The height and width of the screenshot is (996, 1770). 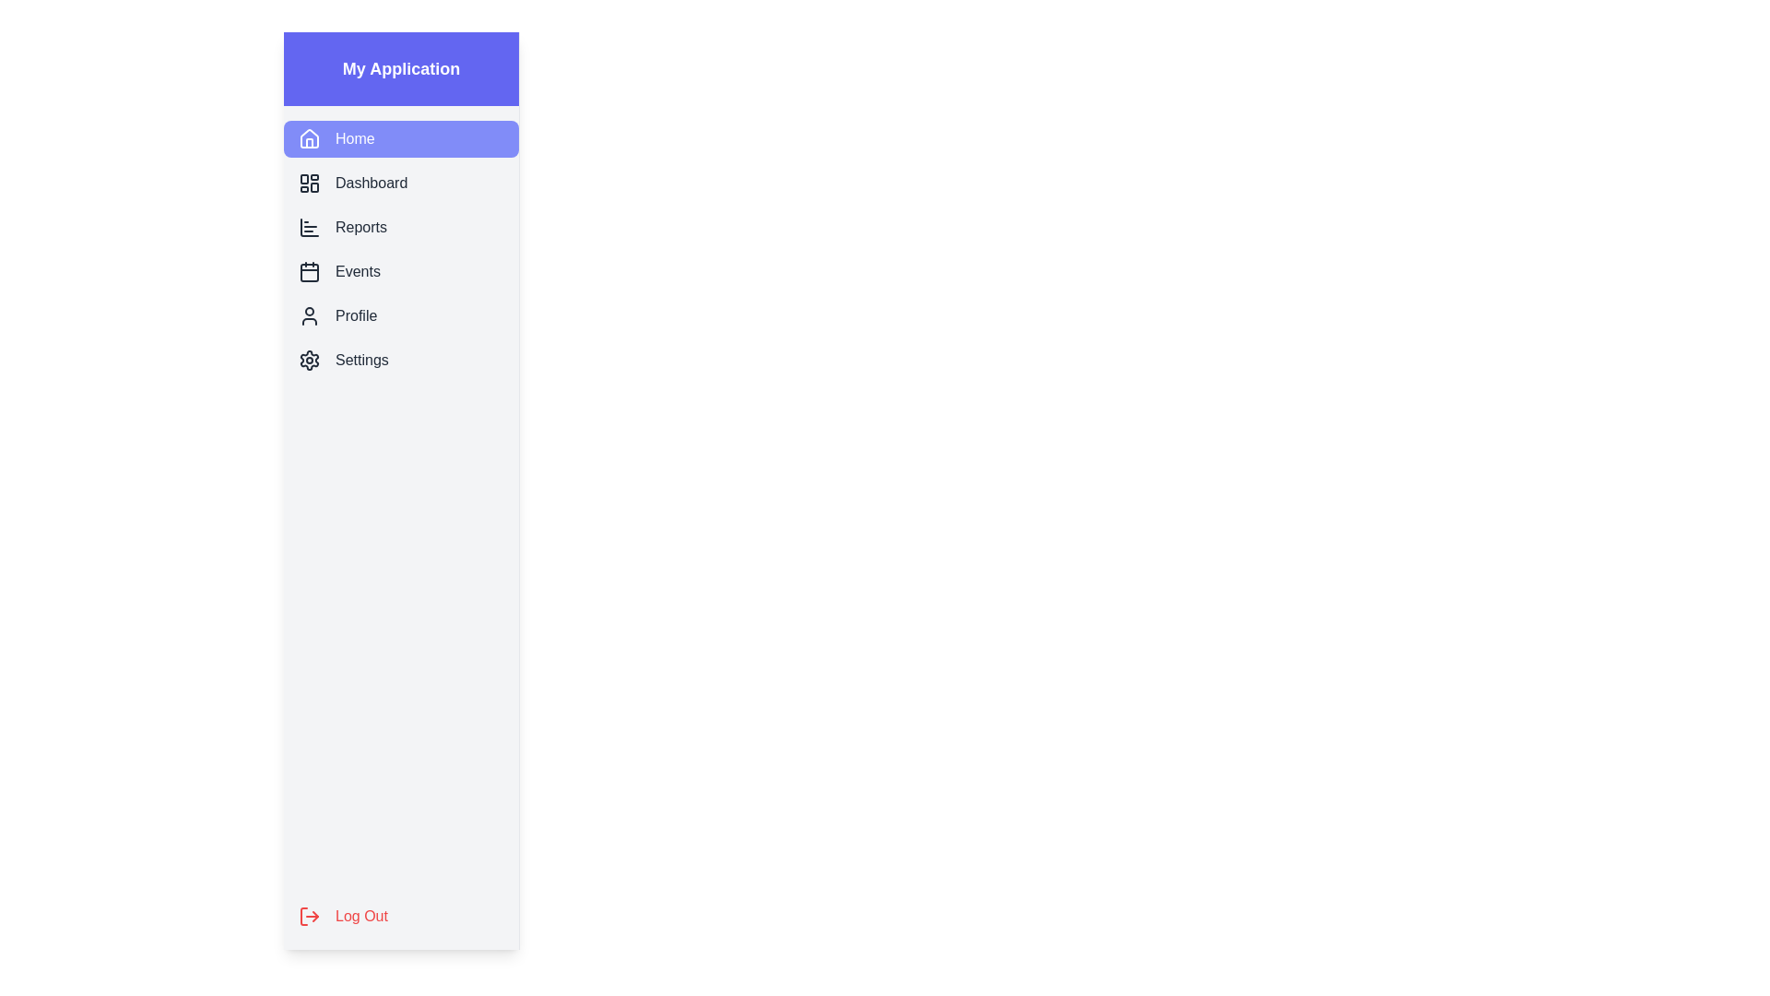 What do you see at coordinates (371, 184) in the screenshot?
I see `the 'Dashboard' text label in the vertical navigation menu` at bounding box center [371, 184].